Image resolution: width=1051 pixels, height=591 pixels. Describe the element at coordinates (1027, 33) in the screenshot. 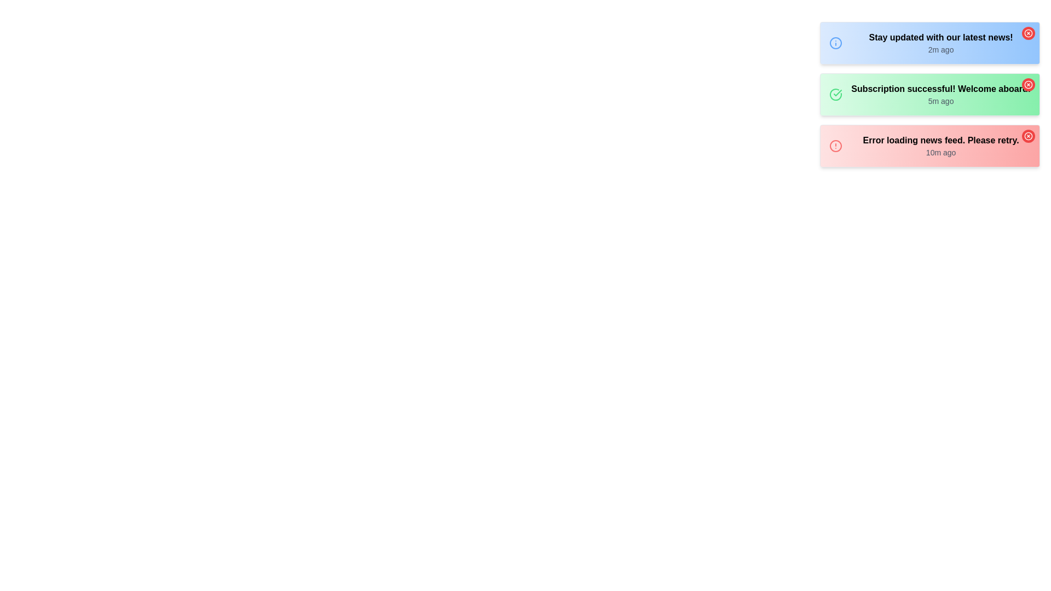

I see `the close button with an icon located at the top-right corner of the blue notification box titled 'Stay updated with our latest news!'` at that location.